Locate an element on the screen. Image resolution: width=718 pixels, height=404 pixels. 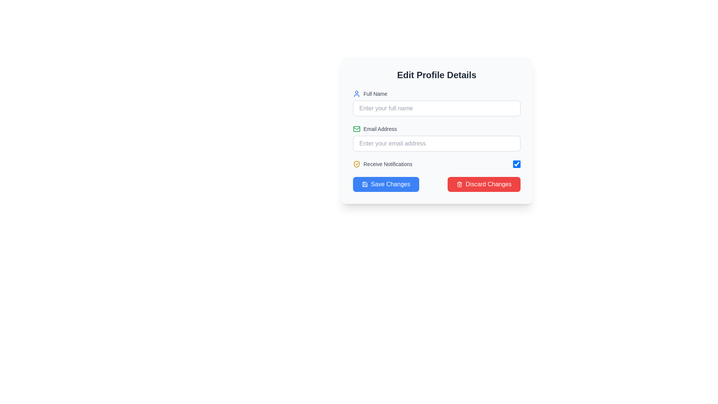
the descriptive label for the checkbox control located near the center-right of the form, underneath the 'Email Address' input field is located at coordinates (383, 164).